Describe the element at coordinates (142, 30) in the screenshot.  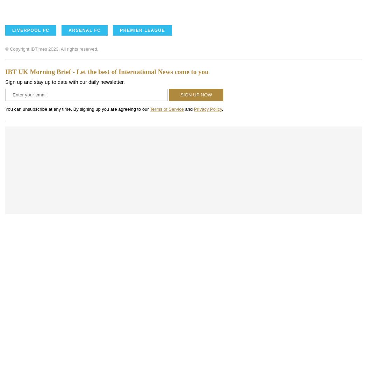
I see `'Premier League'` at that location.